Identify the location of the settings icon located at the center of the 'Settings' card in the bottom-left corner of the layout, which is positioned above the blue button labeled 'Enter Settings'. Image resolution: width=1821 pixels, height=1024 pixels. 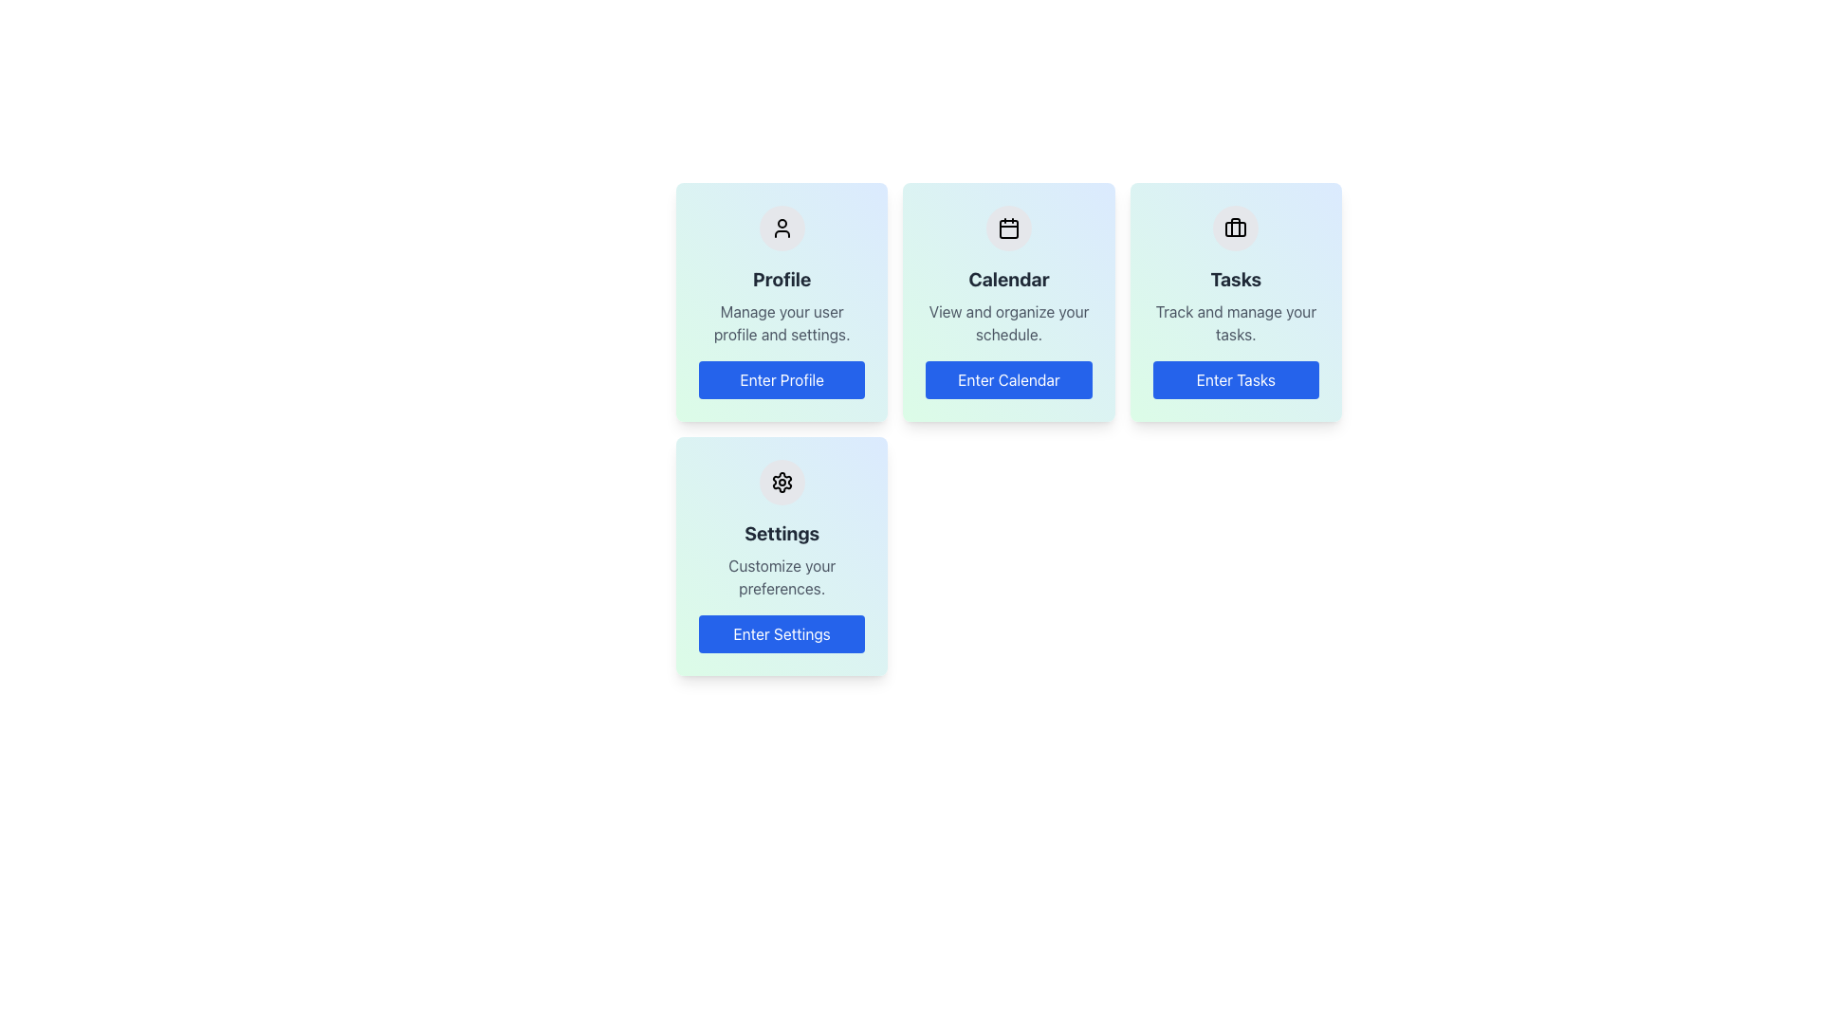
(782, 482).